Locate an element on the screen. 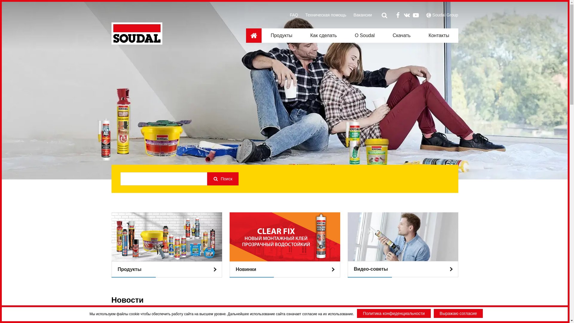  'FAQ' is located at coordinates (286, 15).